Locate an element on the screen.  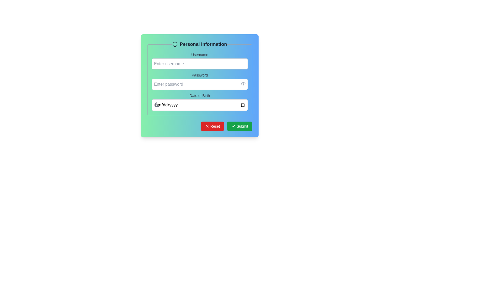
the text label displaying 'Submit' which is situated within a green button at the bottom-right of the form is located at coordinates (242, 126).